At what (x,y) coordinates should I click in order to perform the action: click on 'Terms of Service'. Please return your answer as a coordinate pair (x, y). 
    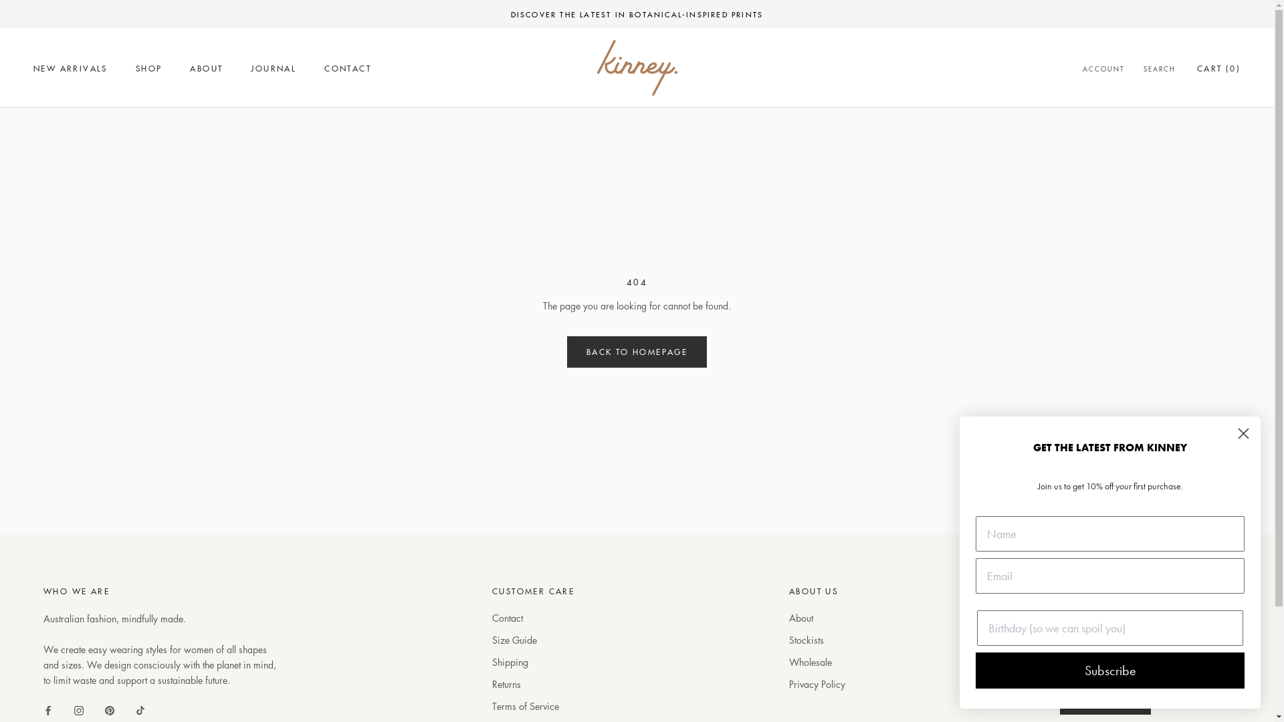
    Looking at the image, I should click on (532, 705).